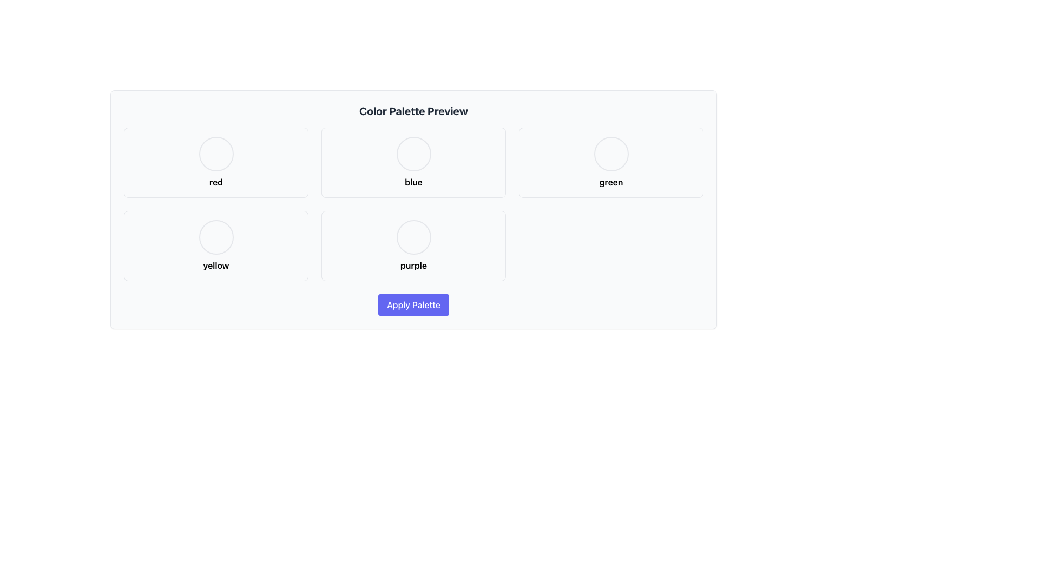  I want to click on bold text label displaying the word 'blue' located in the center column of the top row, positioned directly beneath a blue circular element, so click(413, 181).